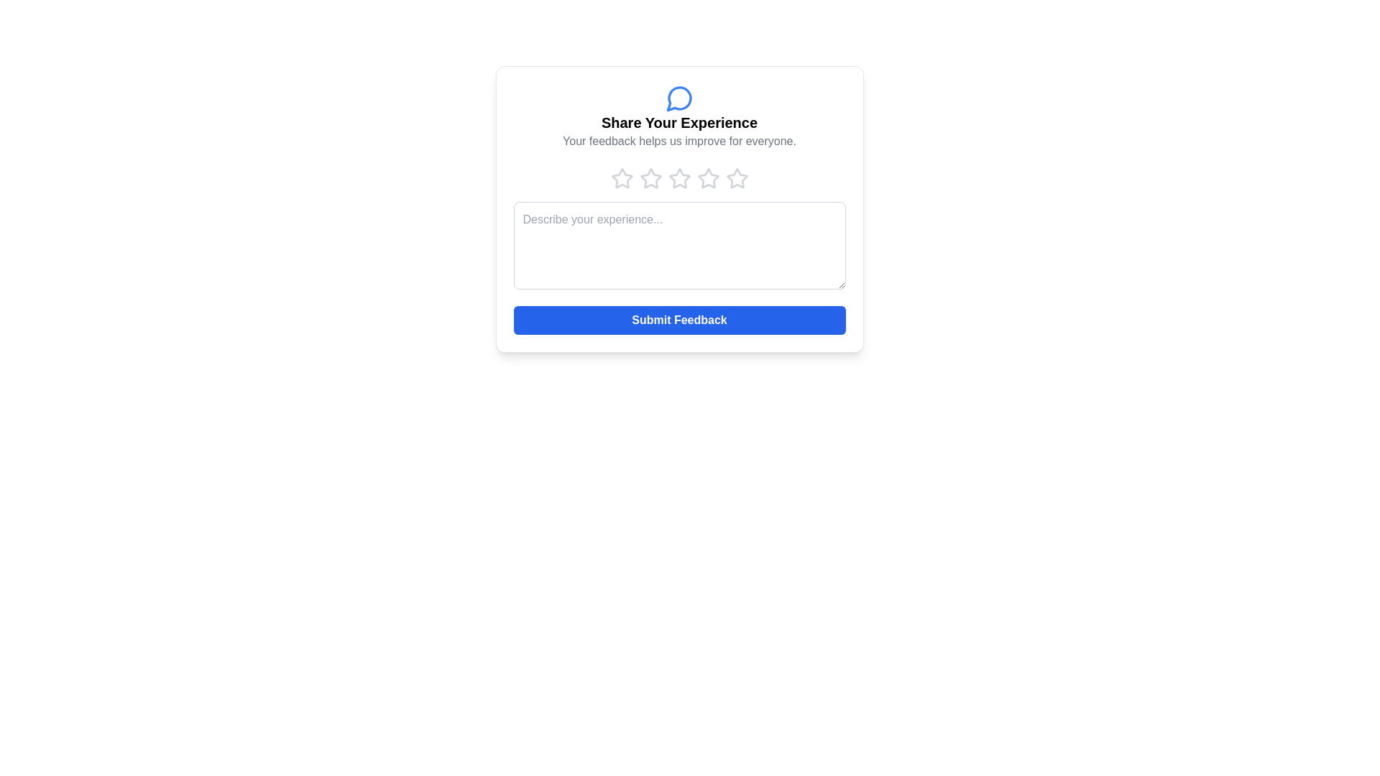  What do you see at coordinates (650, 178) in the screenshot?
I see `the third star-shaped icon with a gray outline in the feedback section` at bounding box center [650, 178].